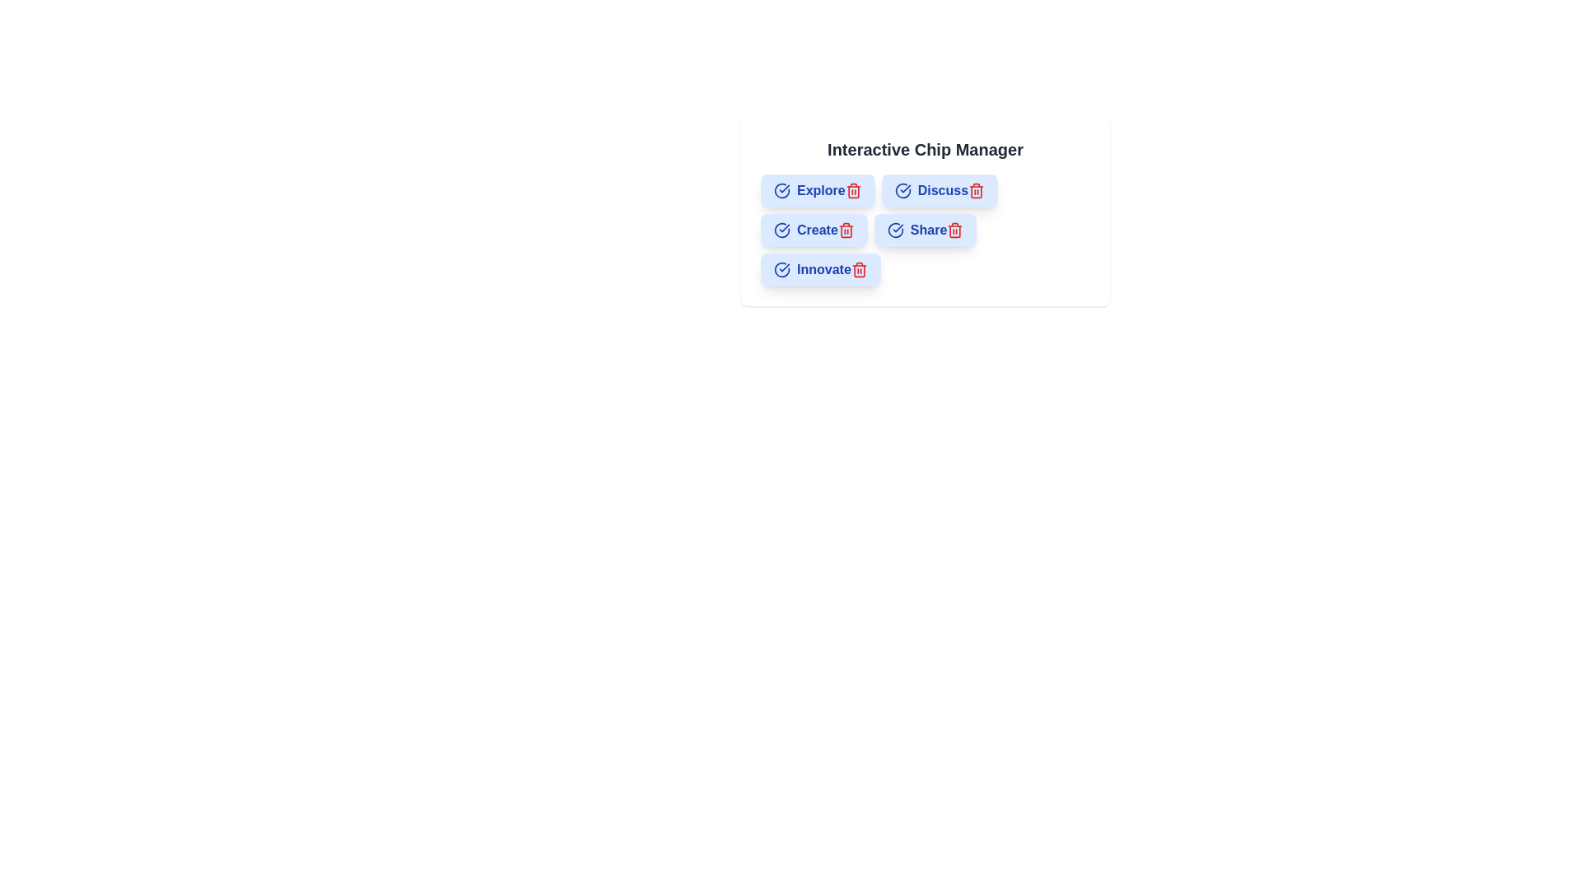 The height and width of the screenshot is (889, 1581). Describe the element at coordinates (858, 268) in the screenshot. I see `the trash icon of the chip labeled Innovate to remove it` at that location.